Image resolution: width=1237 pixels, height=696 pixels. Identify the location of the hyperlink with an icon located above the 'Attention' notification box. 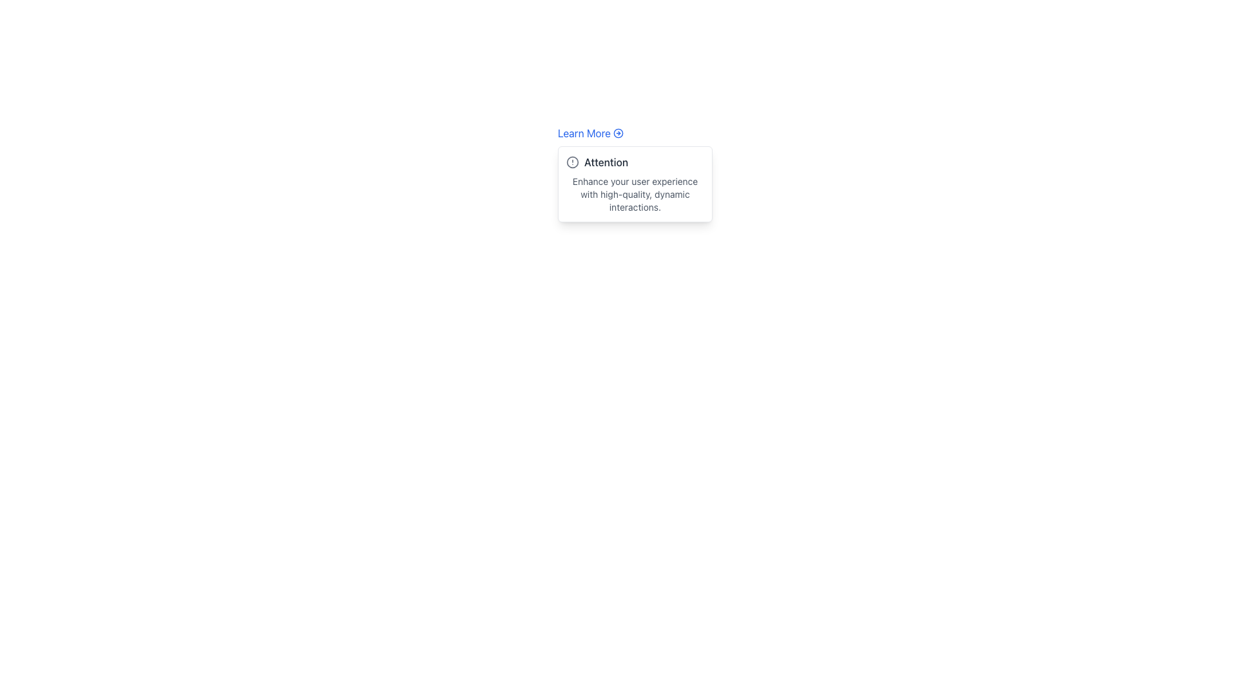
(590, 133).